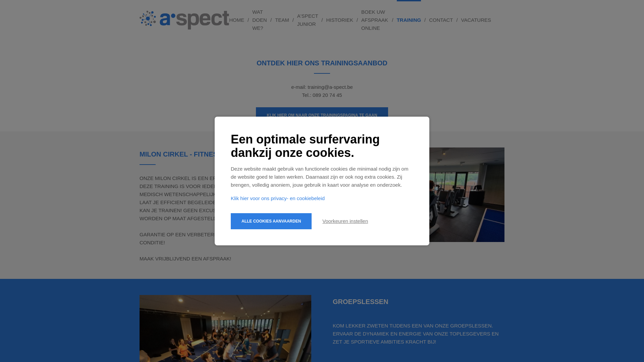  I want to click on 'ALLE COOKIES AANVAARDEN', so click(271, 221).